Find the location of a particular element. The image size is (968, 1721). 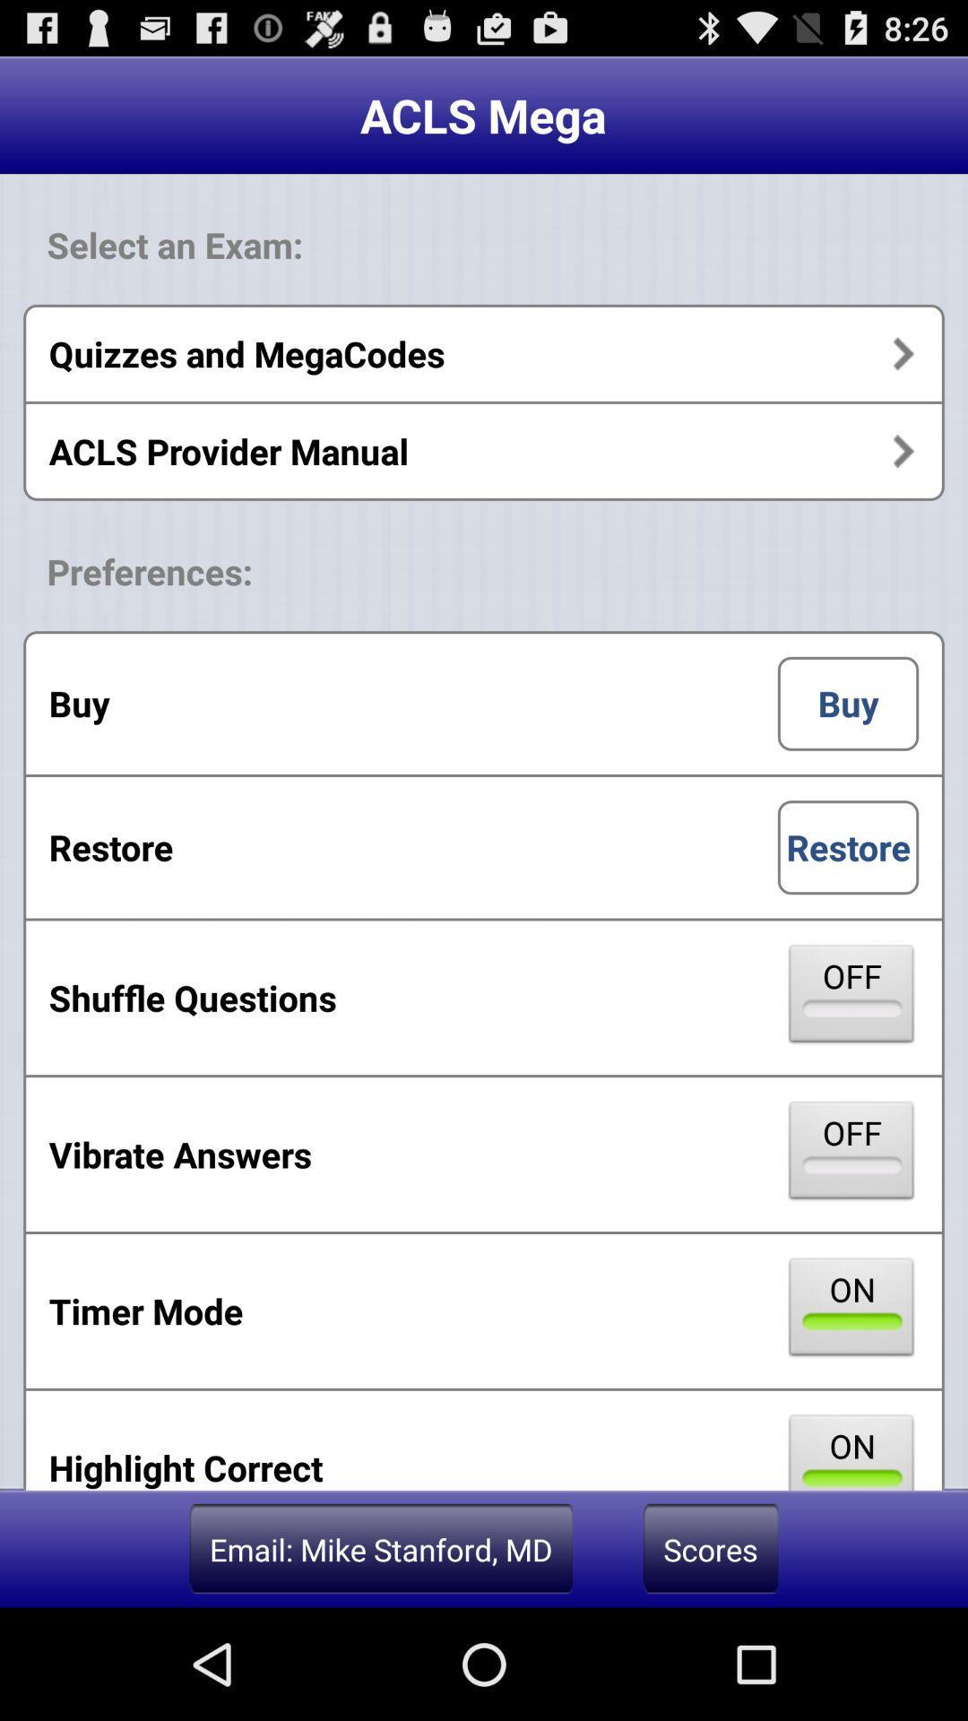

acls provider manual item is located at coordinates (484, 451).